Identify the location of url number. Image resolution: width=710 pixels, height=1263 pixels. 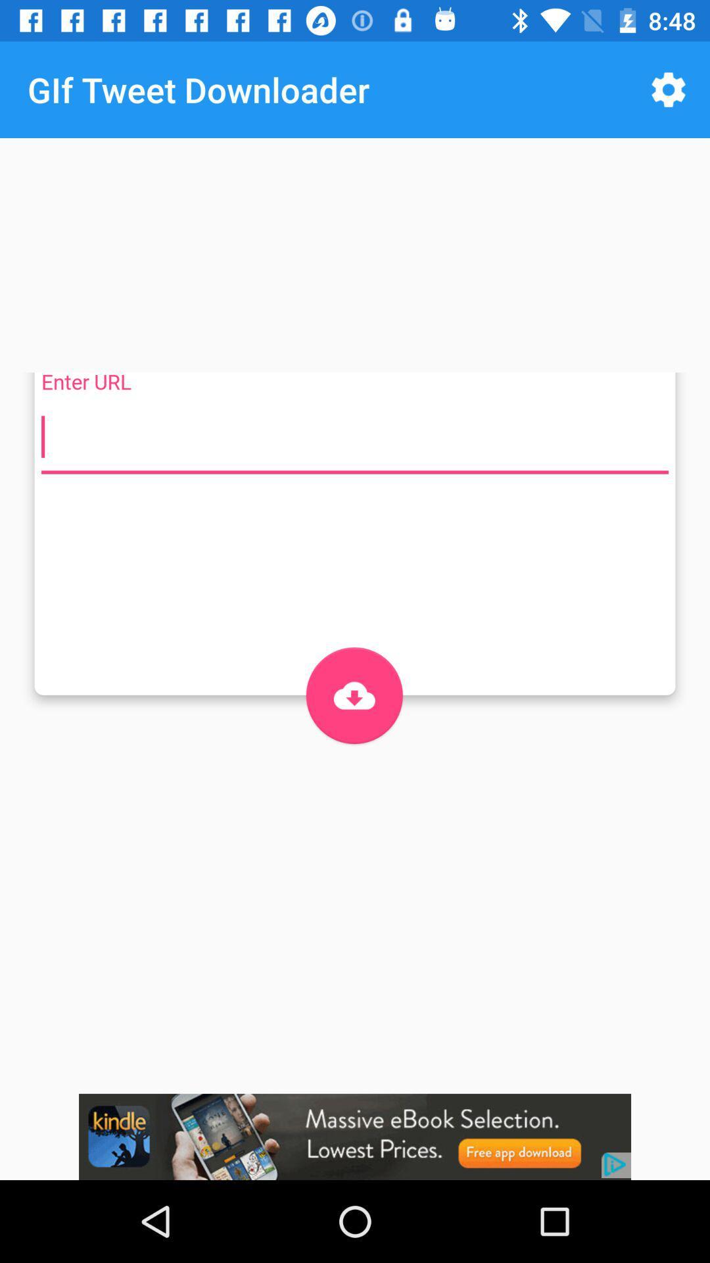
(355, 437).